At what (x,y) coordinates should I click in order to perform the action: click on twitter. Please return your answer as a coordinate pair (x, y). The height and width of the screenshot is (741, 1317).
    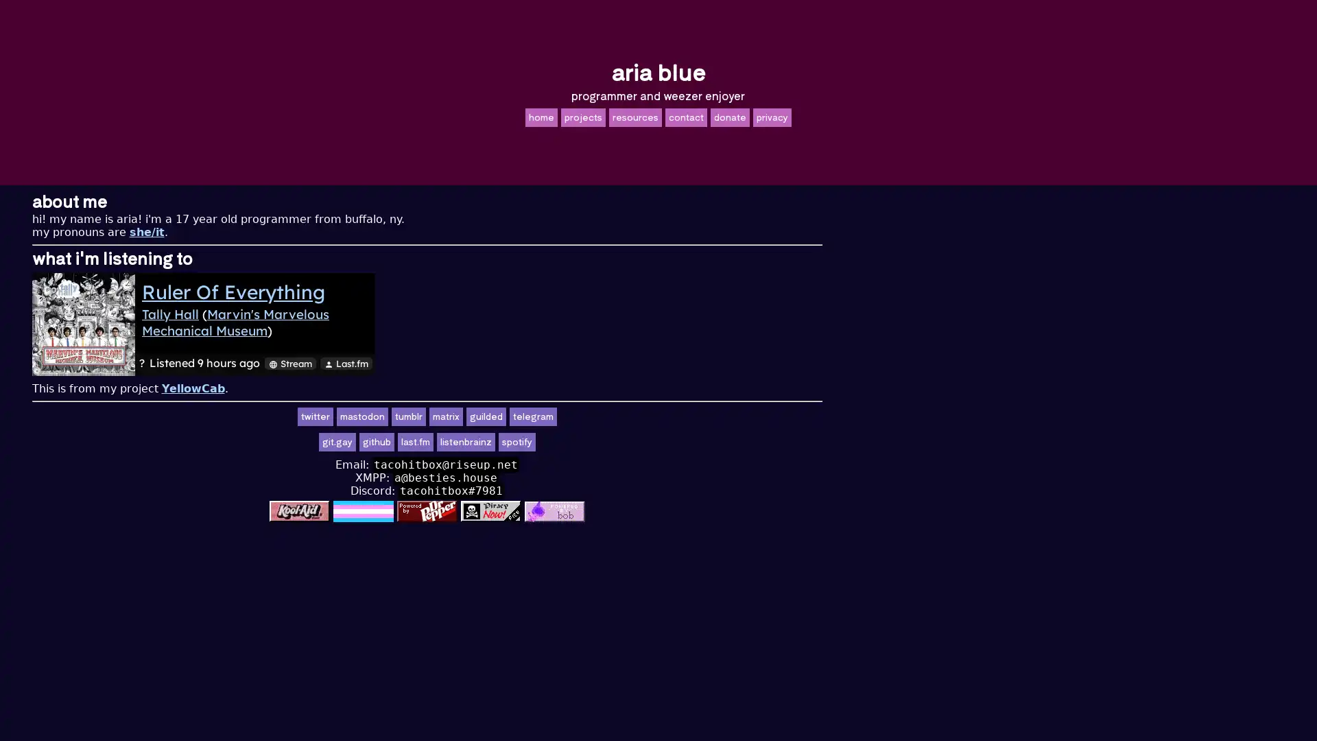
    Looking at the image, I should click on (545, 416).